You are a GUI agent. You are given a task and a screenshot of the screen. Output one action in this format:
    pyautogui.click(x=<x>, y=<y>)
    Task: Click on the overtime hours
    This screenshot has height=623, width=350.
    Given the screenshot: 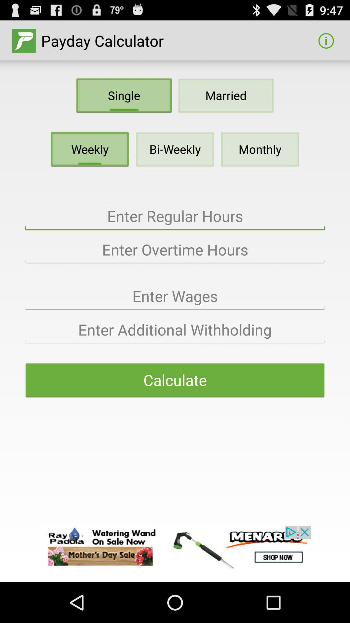 What is the action you would take?
    pyautogui.click(x=175, y=250)
    